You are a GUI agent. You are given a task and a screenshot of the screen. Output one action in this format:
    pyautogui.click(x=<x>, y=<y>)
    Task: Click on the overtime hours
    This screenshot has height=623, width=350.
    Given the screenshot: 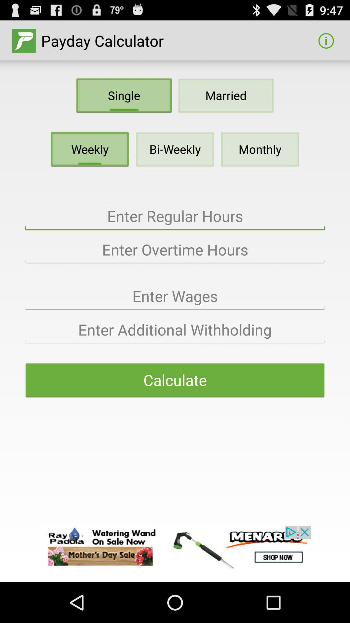 What is the action you would take?
    pyautogui.click(x=175, y=250)
    